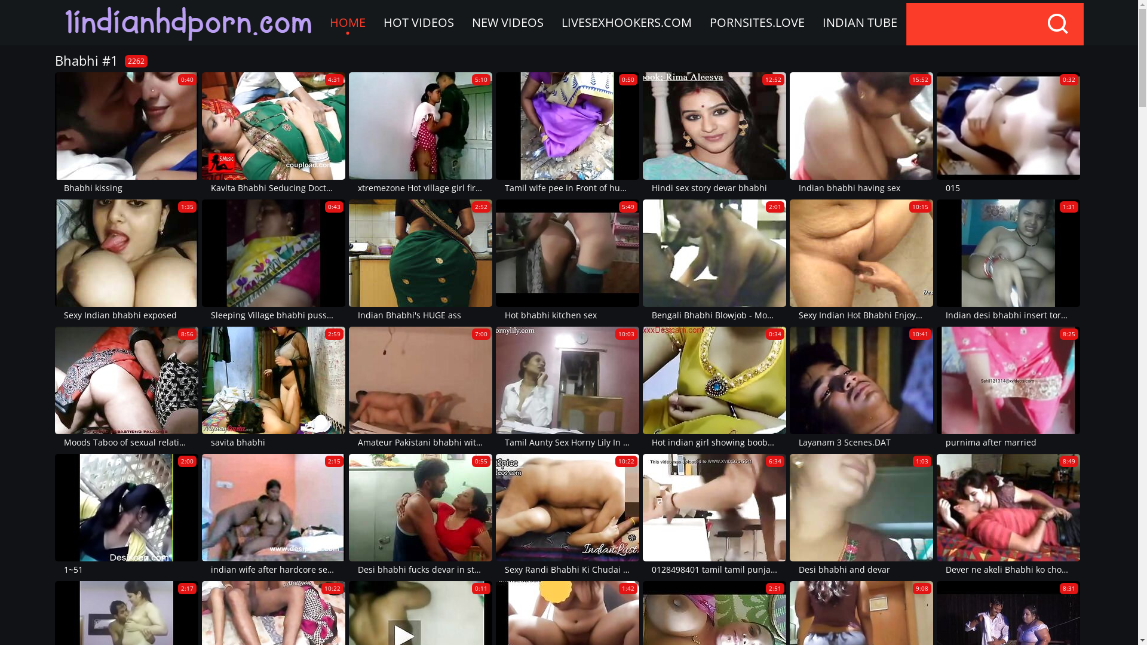  What do you see at coordinates (861, 515) in the screenshot?
I see `'1:03` at bounding box center [861, 515].